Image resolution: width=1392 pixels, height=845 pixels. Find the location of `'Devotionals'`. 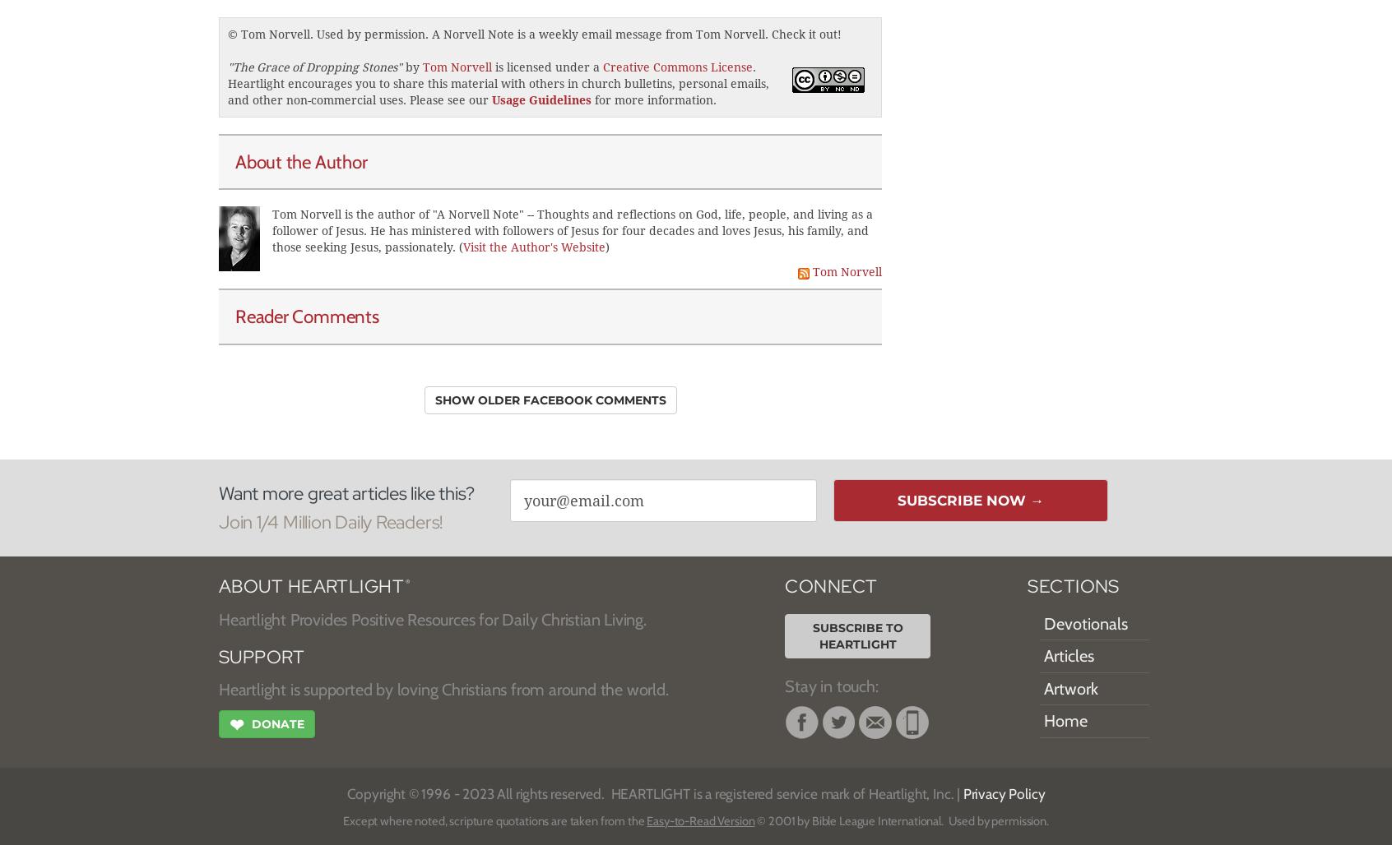

'Devotionals' is located at coordinates (1084, 622).